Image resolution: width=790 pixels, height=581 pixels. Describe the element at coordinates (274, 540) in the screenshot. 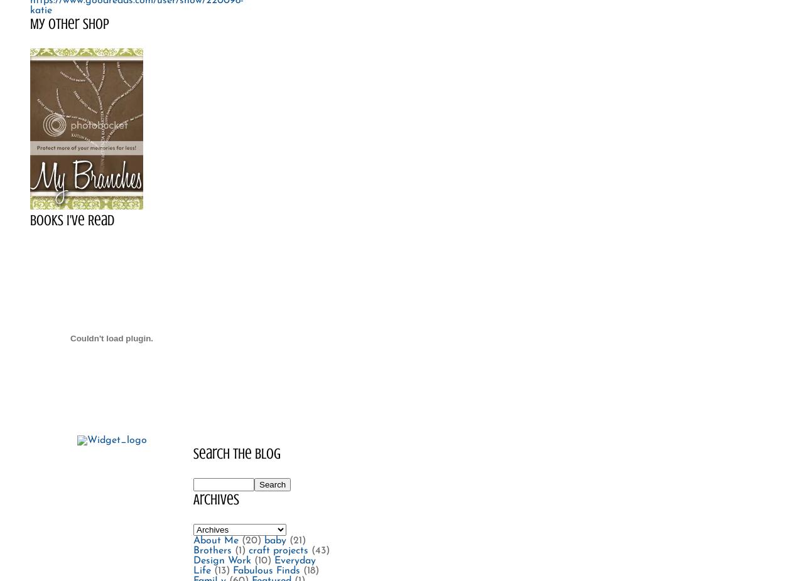

I see `'baby'` at that location.